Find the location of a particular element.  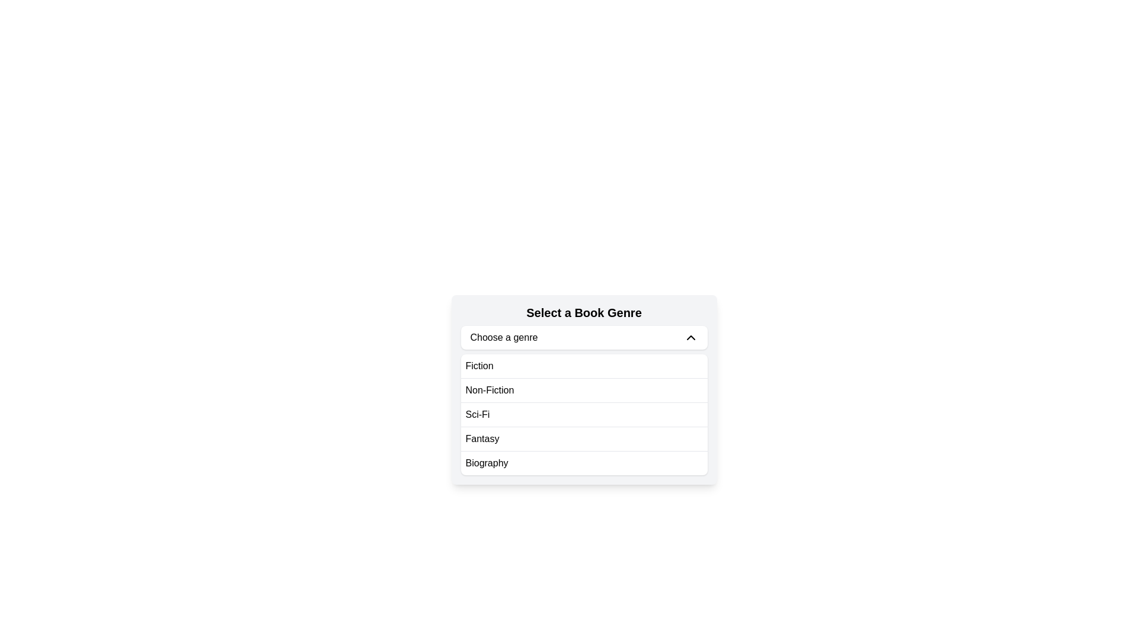

the text label reading 'Fantasy' is located at coordinates (482, 439).